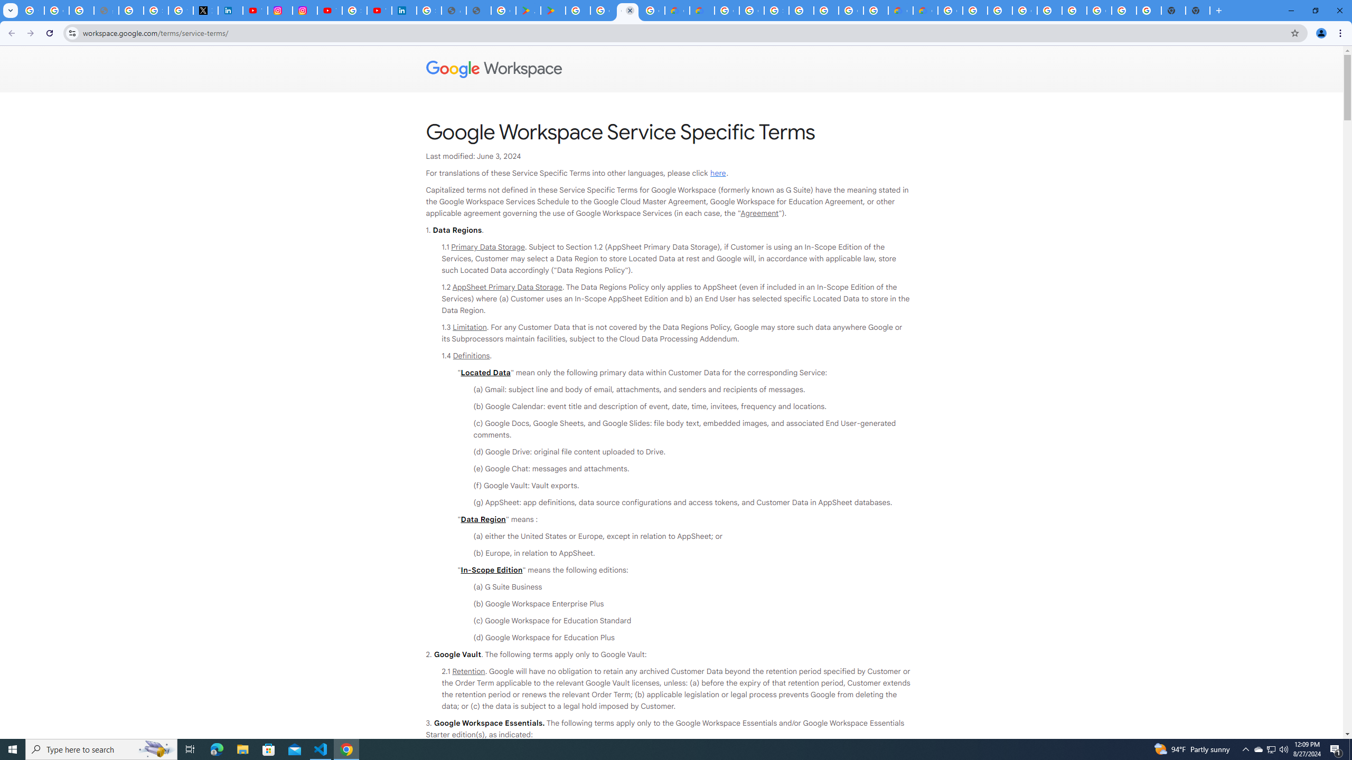 Image resolution: width=1352 pixels, height=760 pixels. What do you see at coordinates (850, 10) in the screenshot?
I see `'Google Cloud Platform'` at bounding box center [850, 10].